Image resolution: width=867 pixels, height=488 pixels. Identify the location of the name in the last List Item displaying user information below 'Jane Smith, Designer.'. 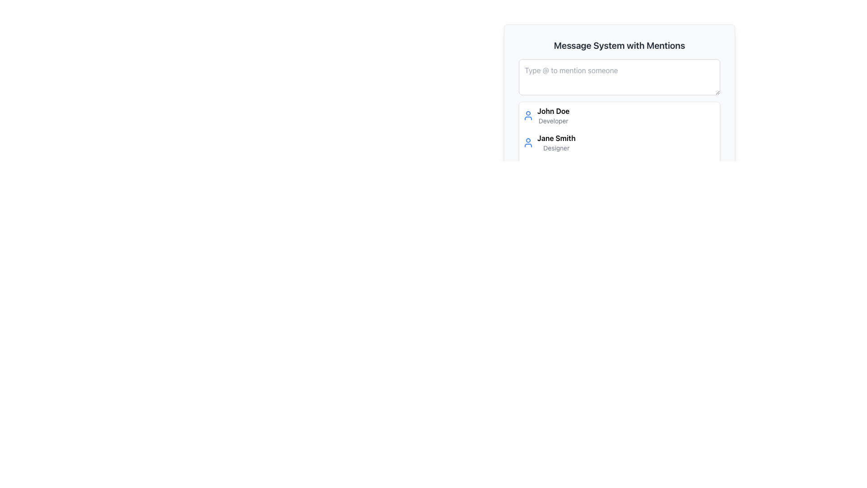
(557, 169).